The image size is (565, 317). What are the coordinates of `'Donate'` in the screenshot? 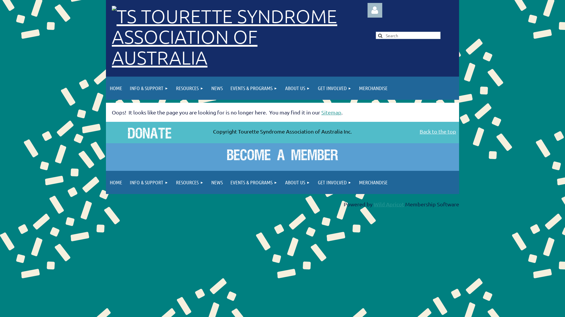 It's located at (149, 133).